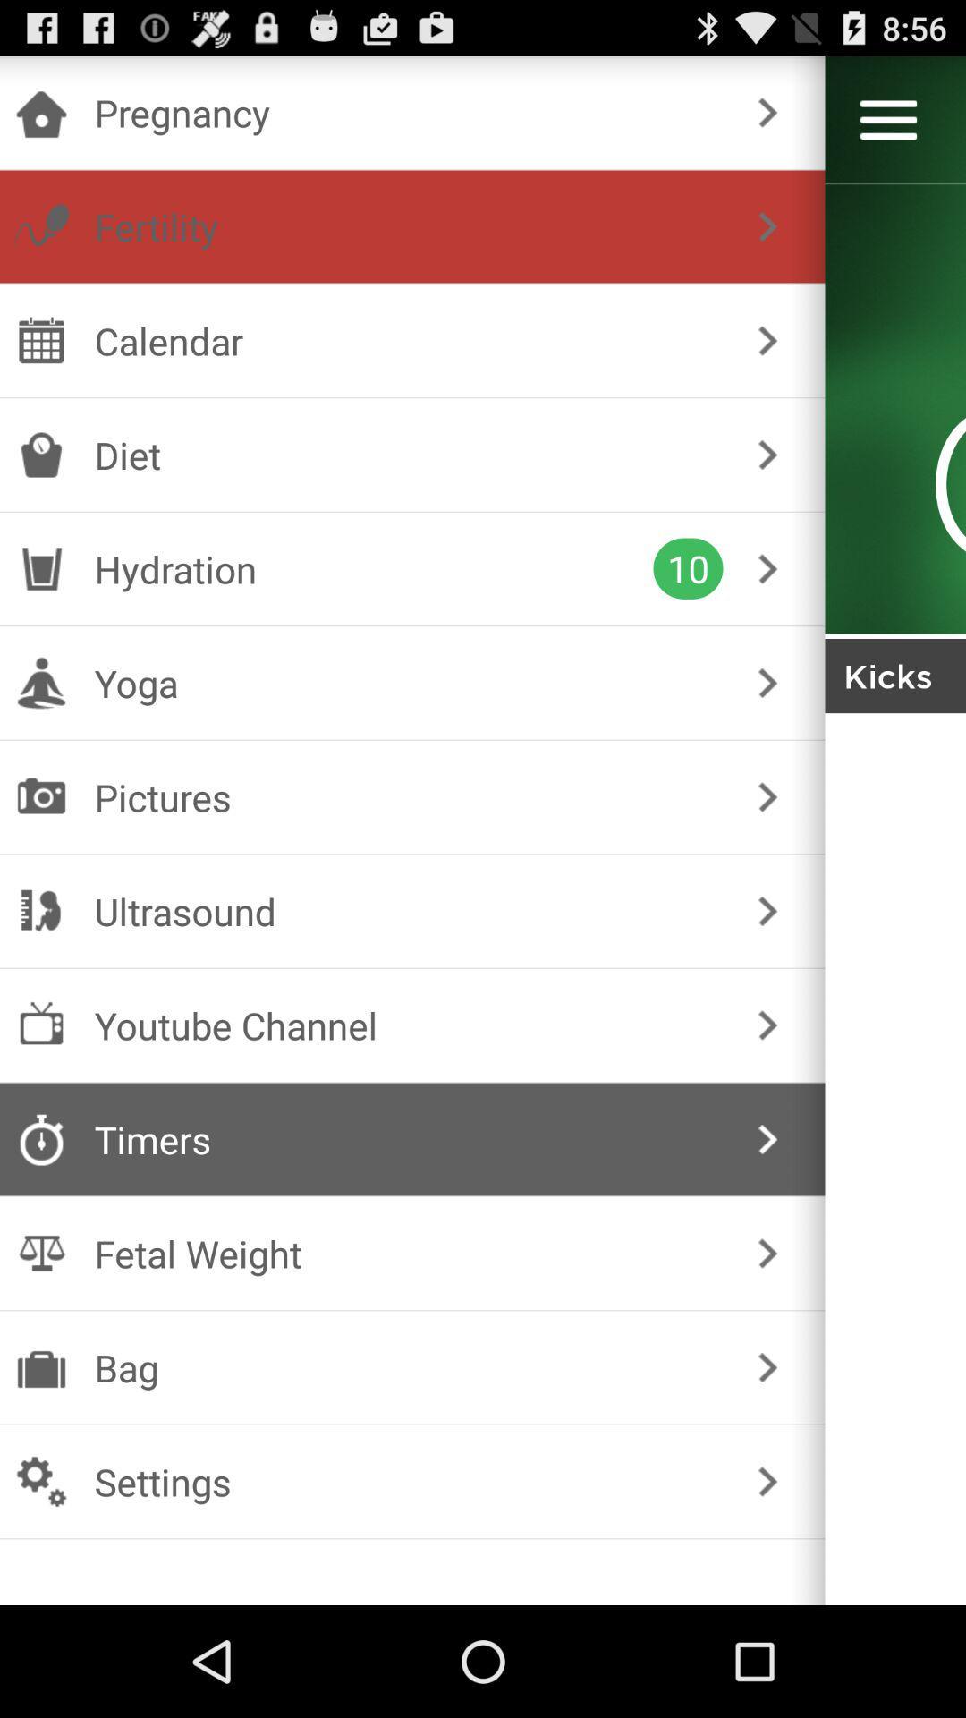 The image size is (966, 1718). I want to click on ultrasound, so click(409, 911).